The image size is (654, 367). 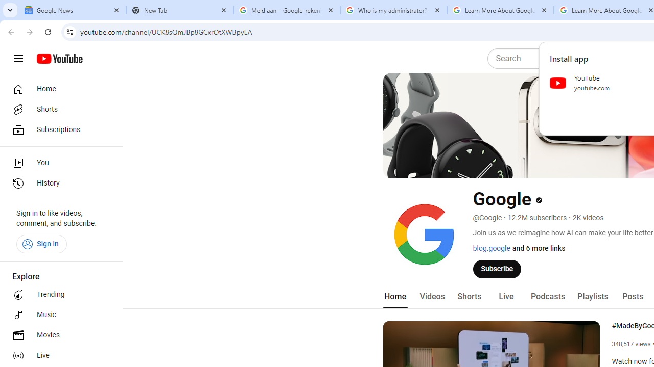 I want to click on 'Videos', so click(x=432, y=296).